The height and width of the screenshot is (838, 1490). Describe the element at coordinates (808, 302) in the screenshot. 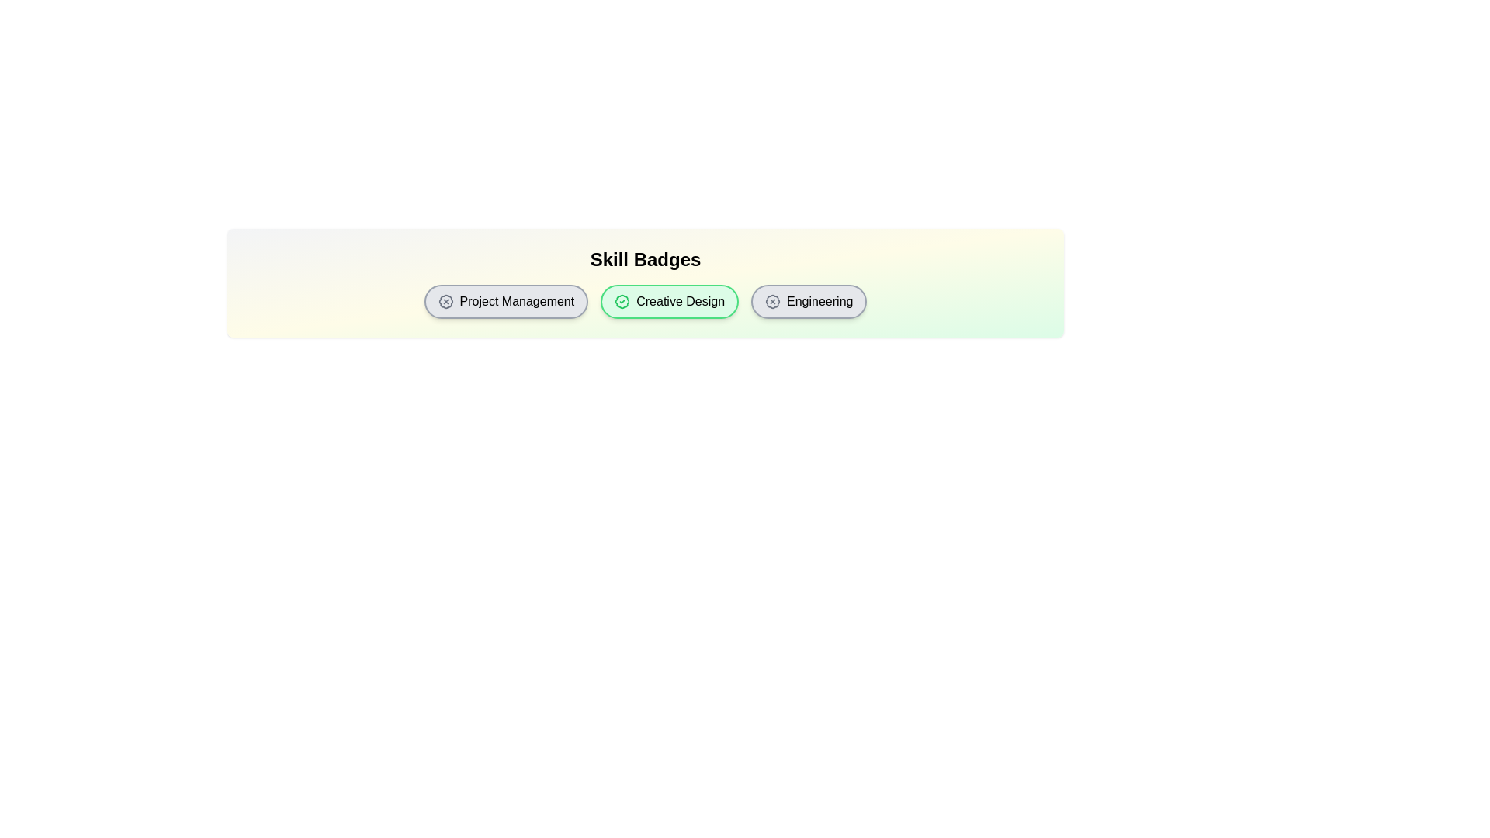

I see `the skill badge labeled Engineering` at that location.